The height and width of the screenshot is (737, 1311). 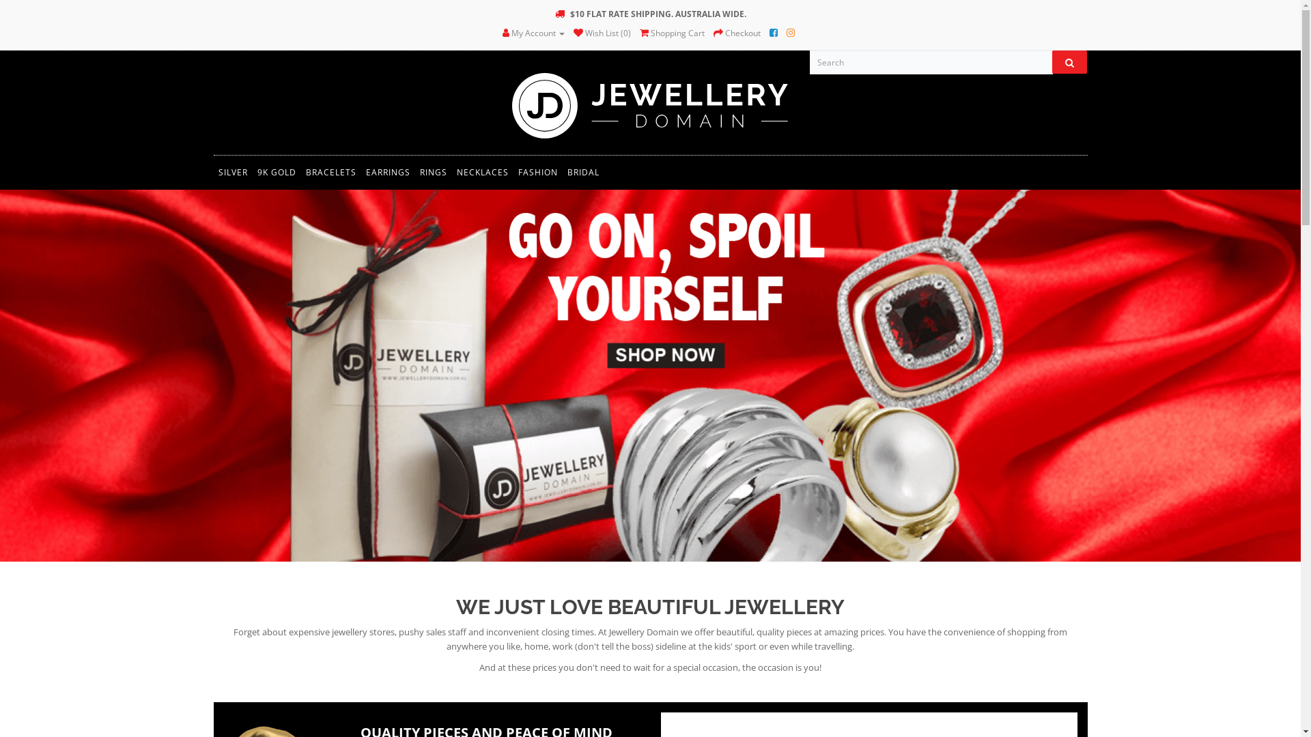 I want to click on 'Join us on Instagram', so click(x=790, y=32).